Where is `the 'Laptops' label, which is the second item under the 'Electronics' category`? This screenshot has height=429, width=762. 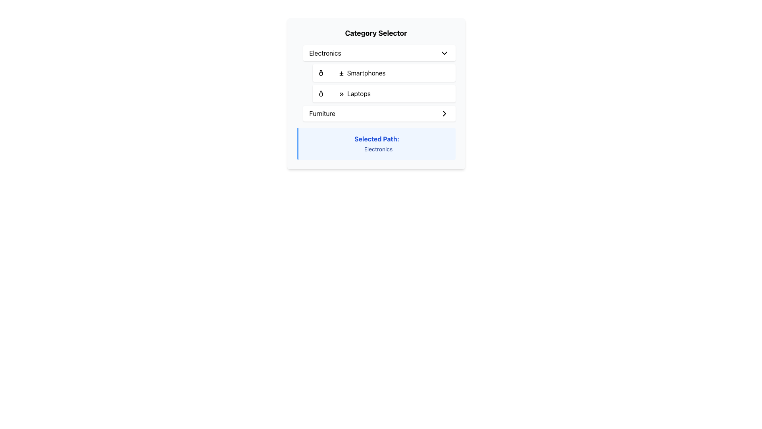 the 'Laptops' label, which is the second item under the 'Electronics' category is located at coordinates (344, 93).